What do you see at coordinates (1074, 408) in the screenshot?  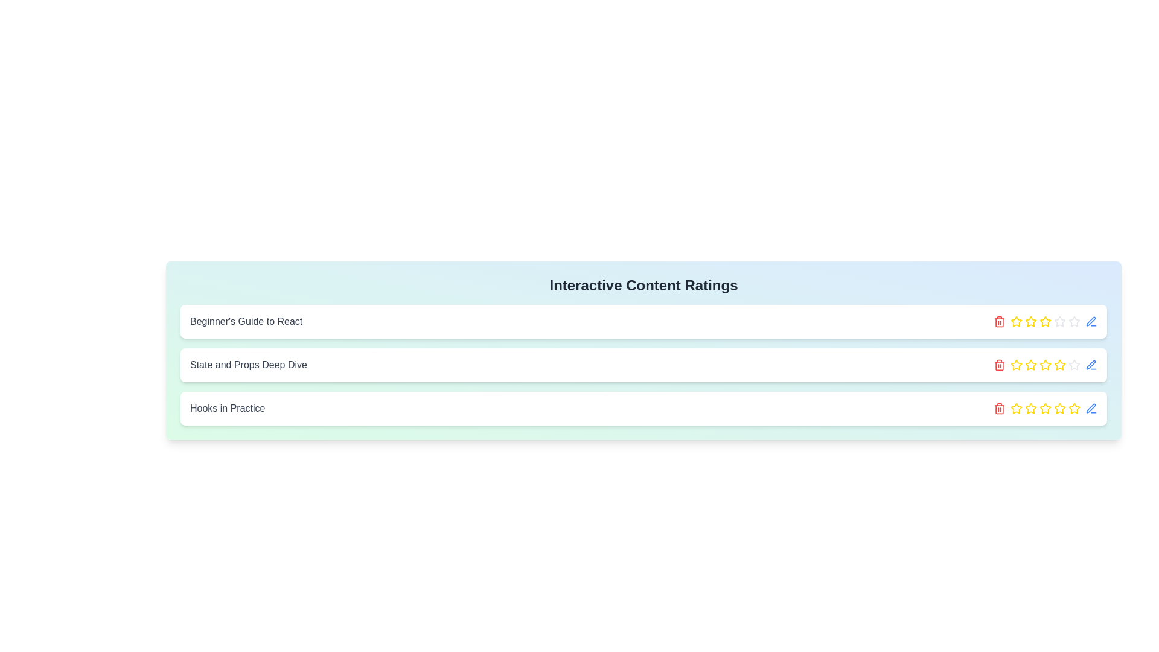 I see `the fifth star in the five-star rating system located on the right side of the 'Hooks in Practice' item` at bounding box center [1074, 408].